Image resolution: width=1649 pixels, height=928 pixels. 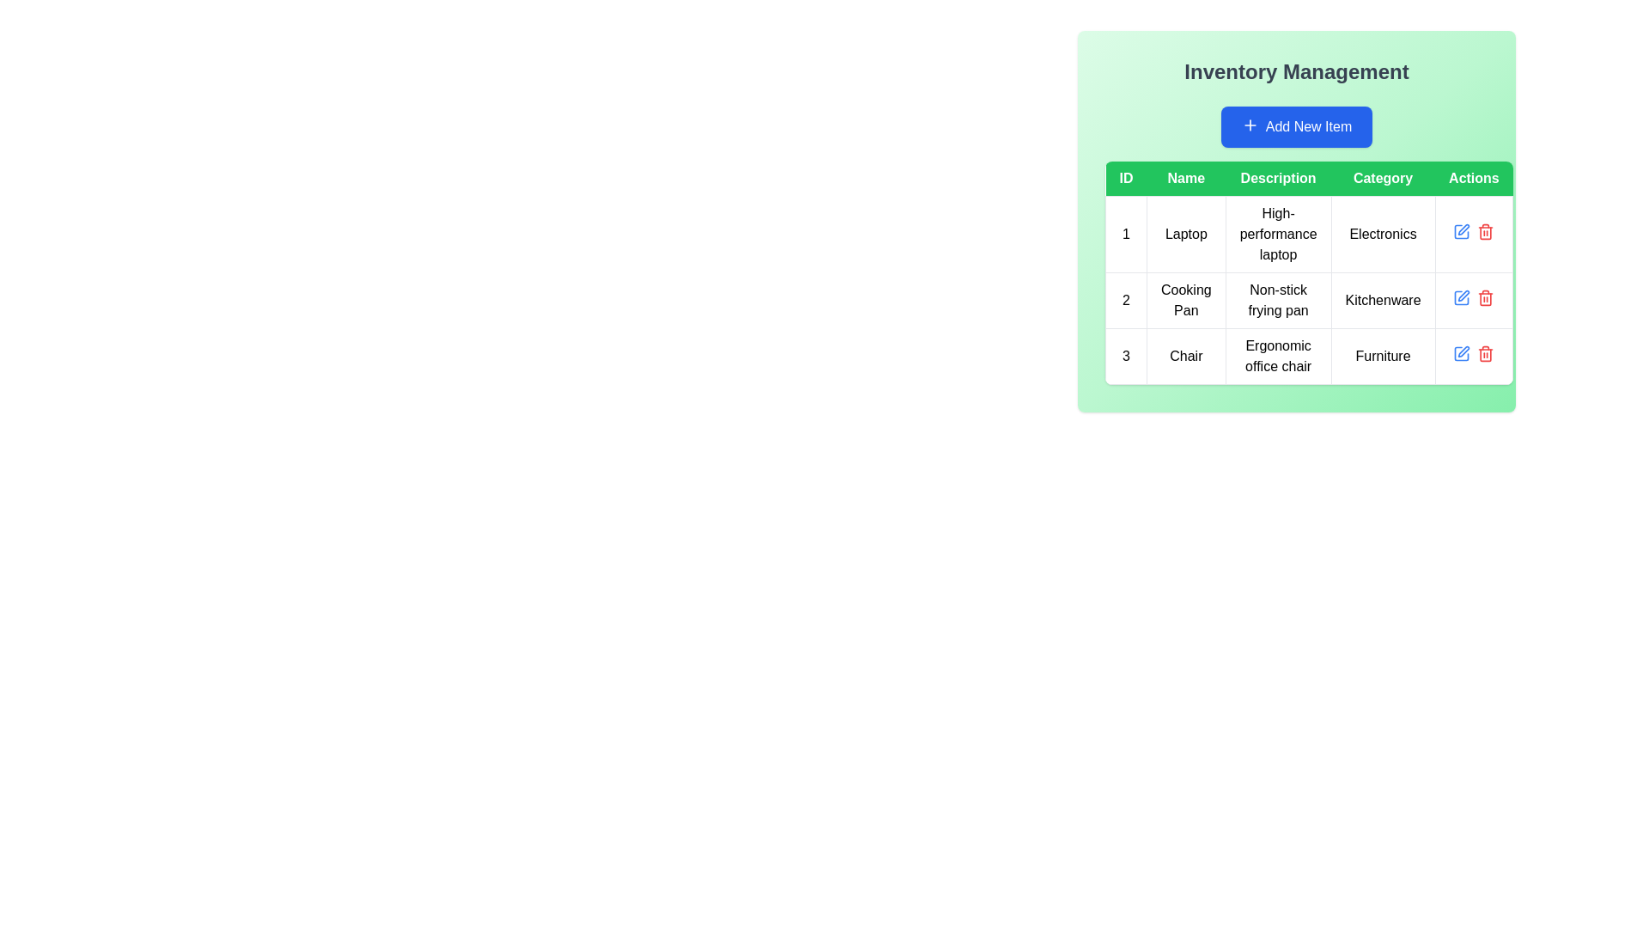 I want to click on the text label displaying 'High-performance laptop' in the 'Description' column of the table, so click(x=1278, y=235).